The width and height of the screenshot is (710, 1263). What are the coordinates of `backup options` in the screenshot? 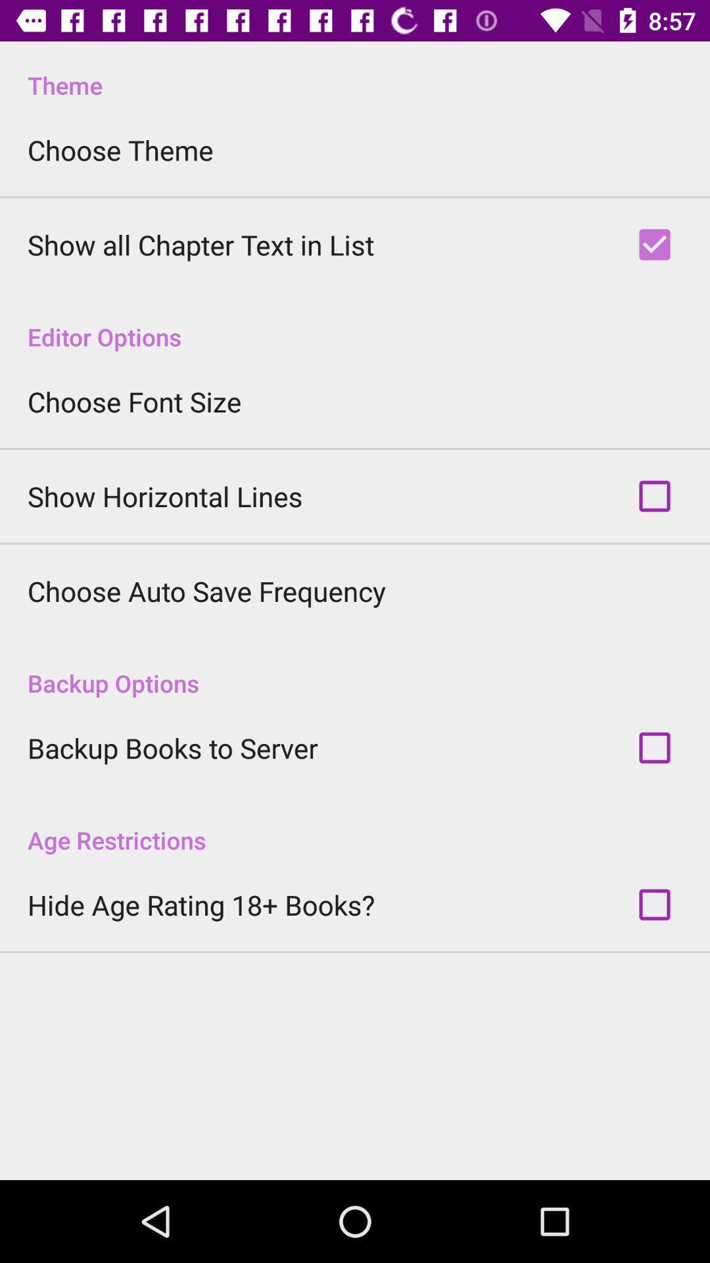 It's located at (355, 669).